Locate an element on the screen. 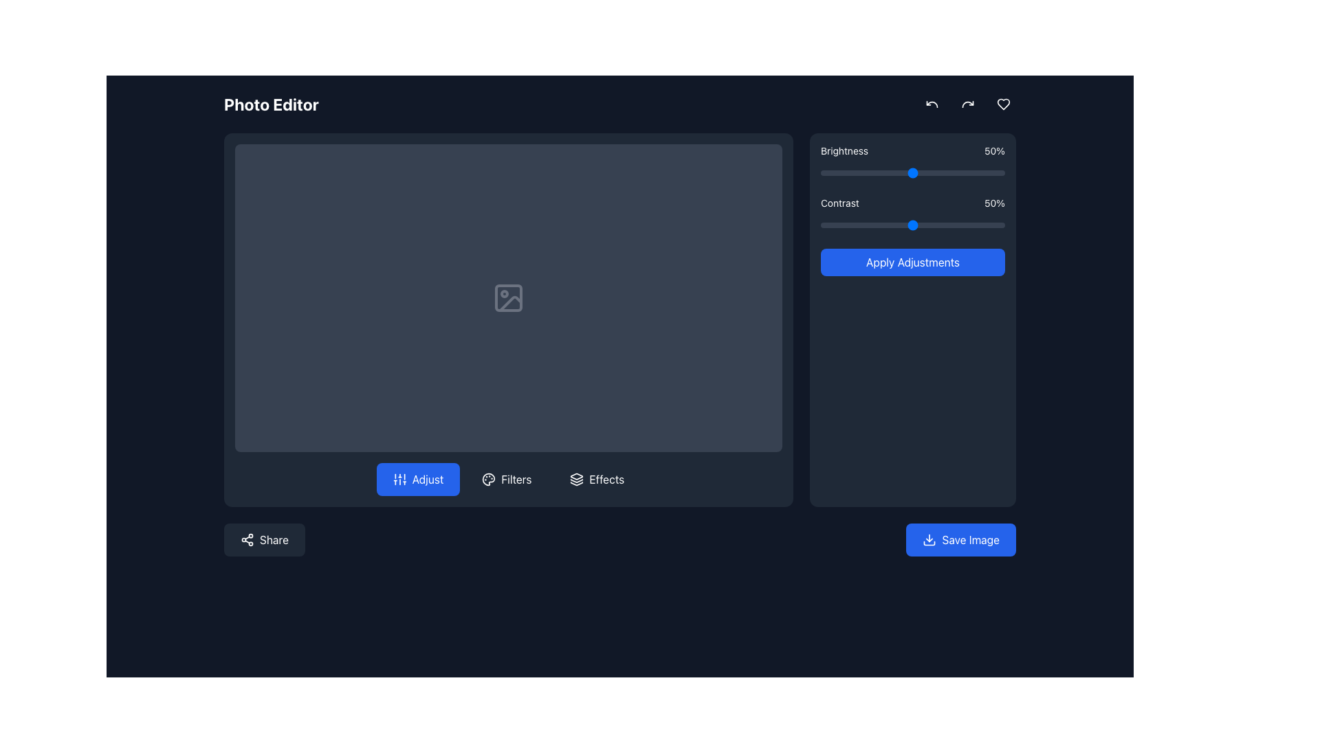 The height and width of the screenshot is (742, 1320). the 'Apply Adjustments' button located at the bottom of the right-hand panel, directly below the Brightness and Contrast sliders is located at coordinates (913, 262).